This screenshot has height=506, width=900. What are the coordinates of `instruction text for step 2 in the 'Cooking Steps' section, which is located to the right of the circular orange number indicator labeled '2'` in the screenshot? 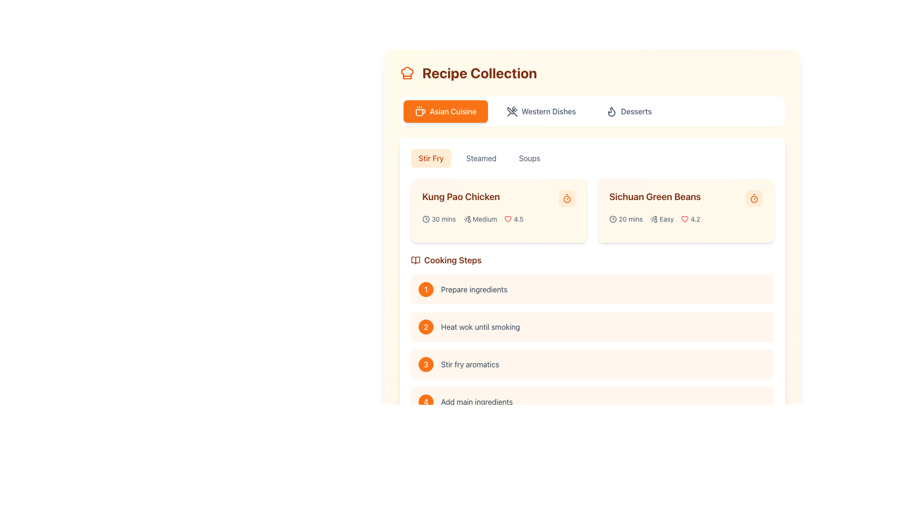 It's located at (480, 327).